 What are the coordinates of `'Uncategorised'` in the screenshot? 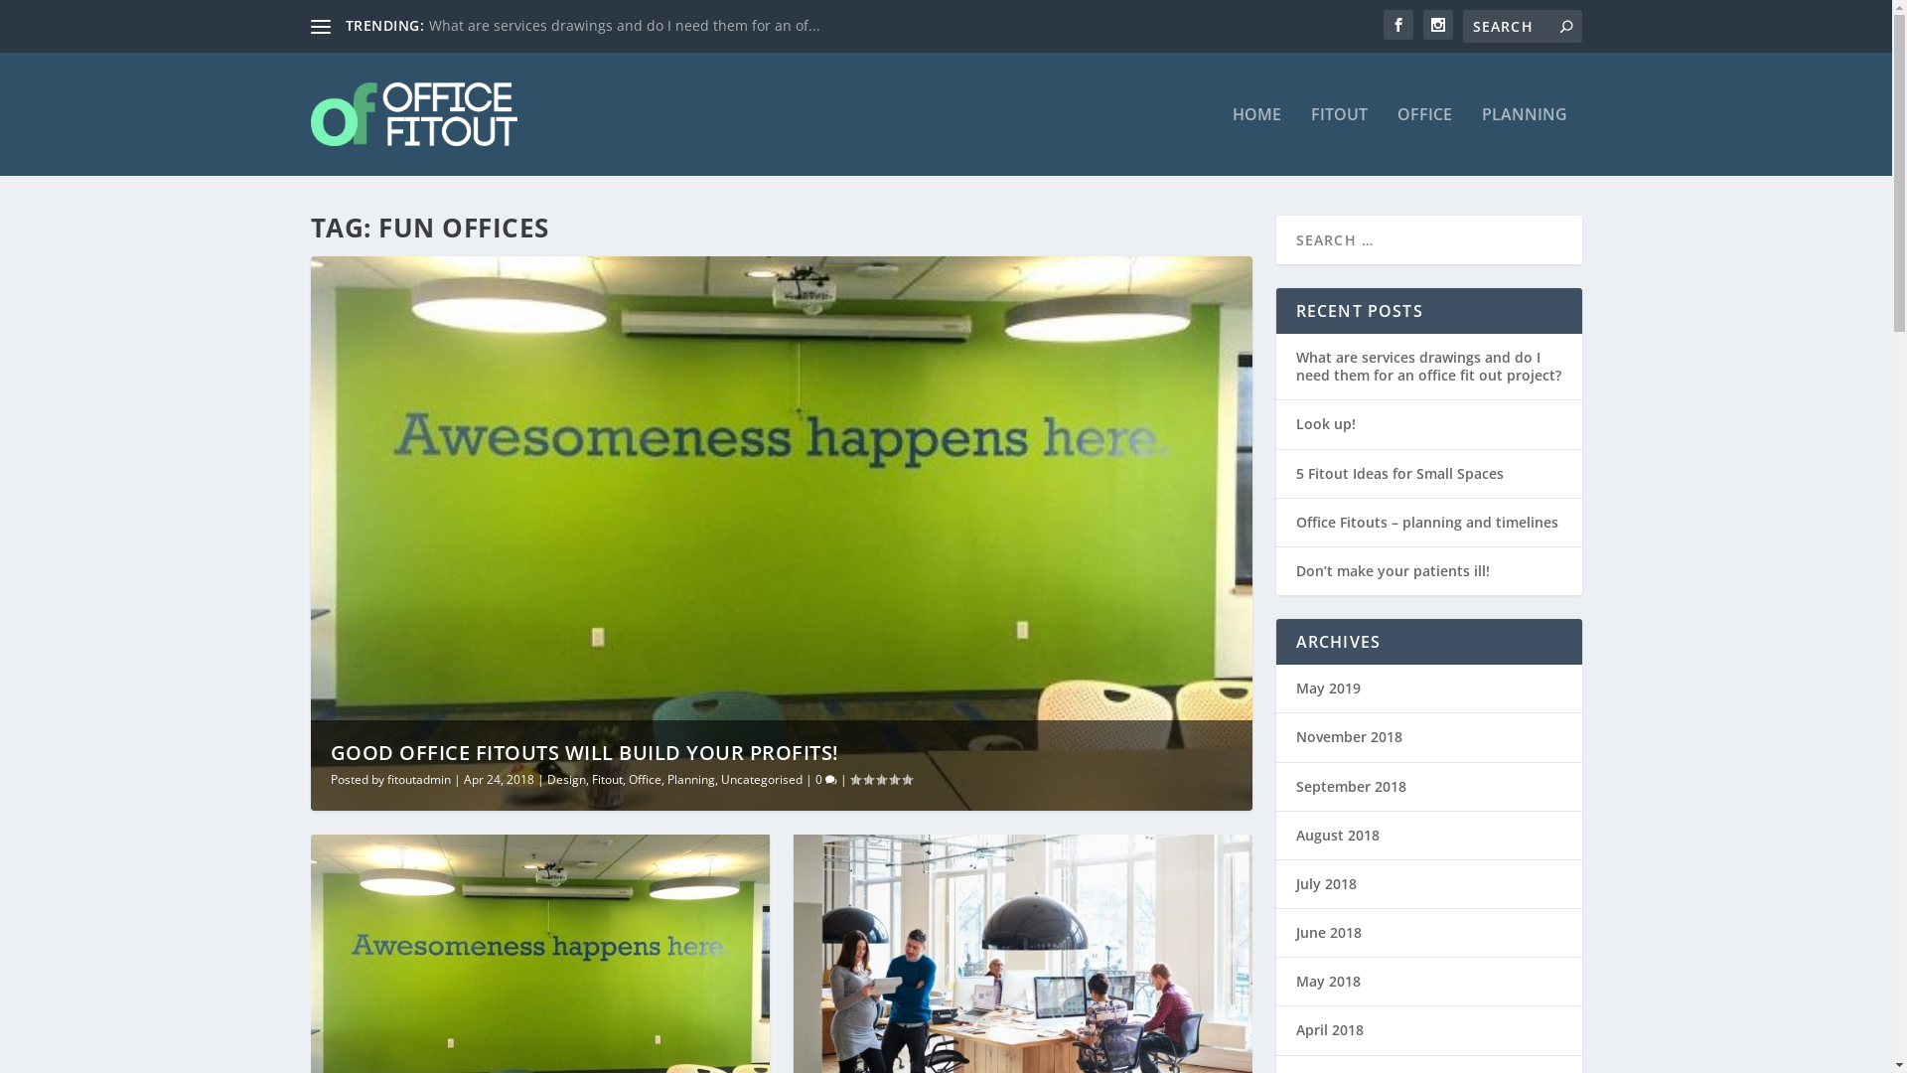 It's located at (761, 778).